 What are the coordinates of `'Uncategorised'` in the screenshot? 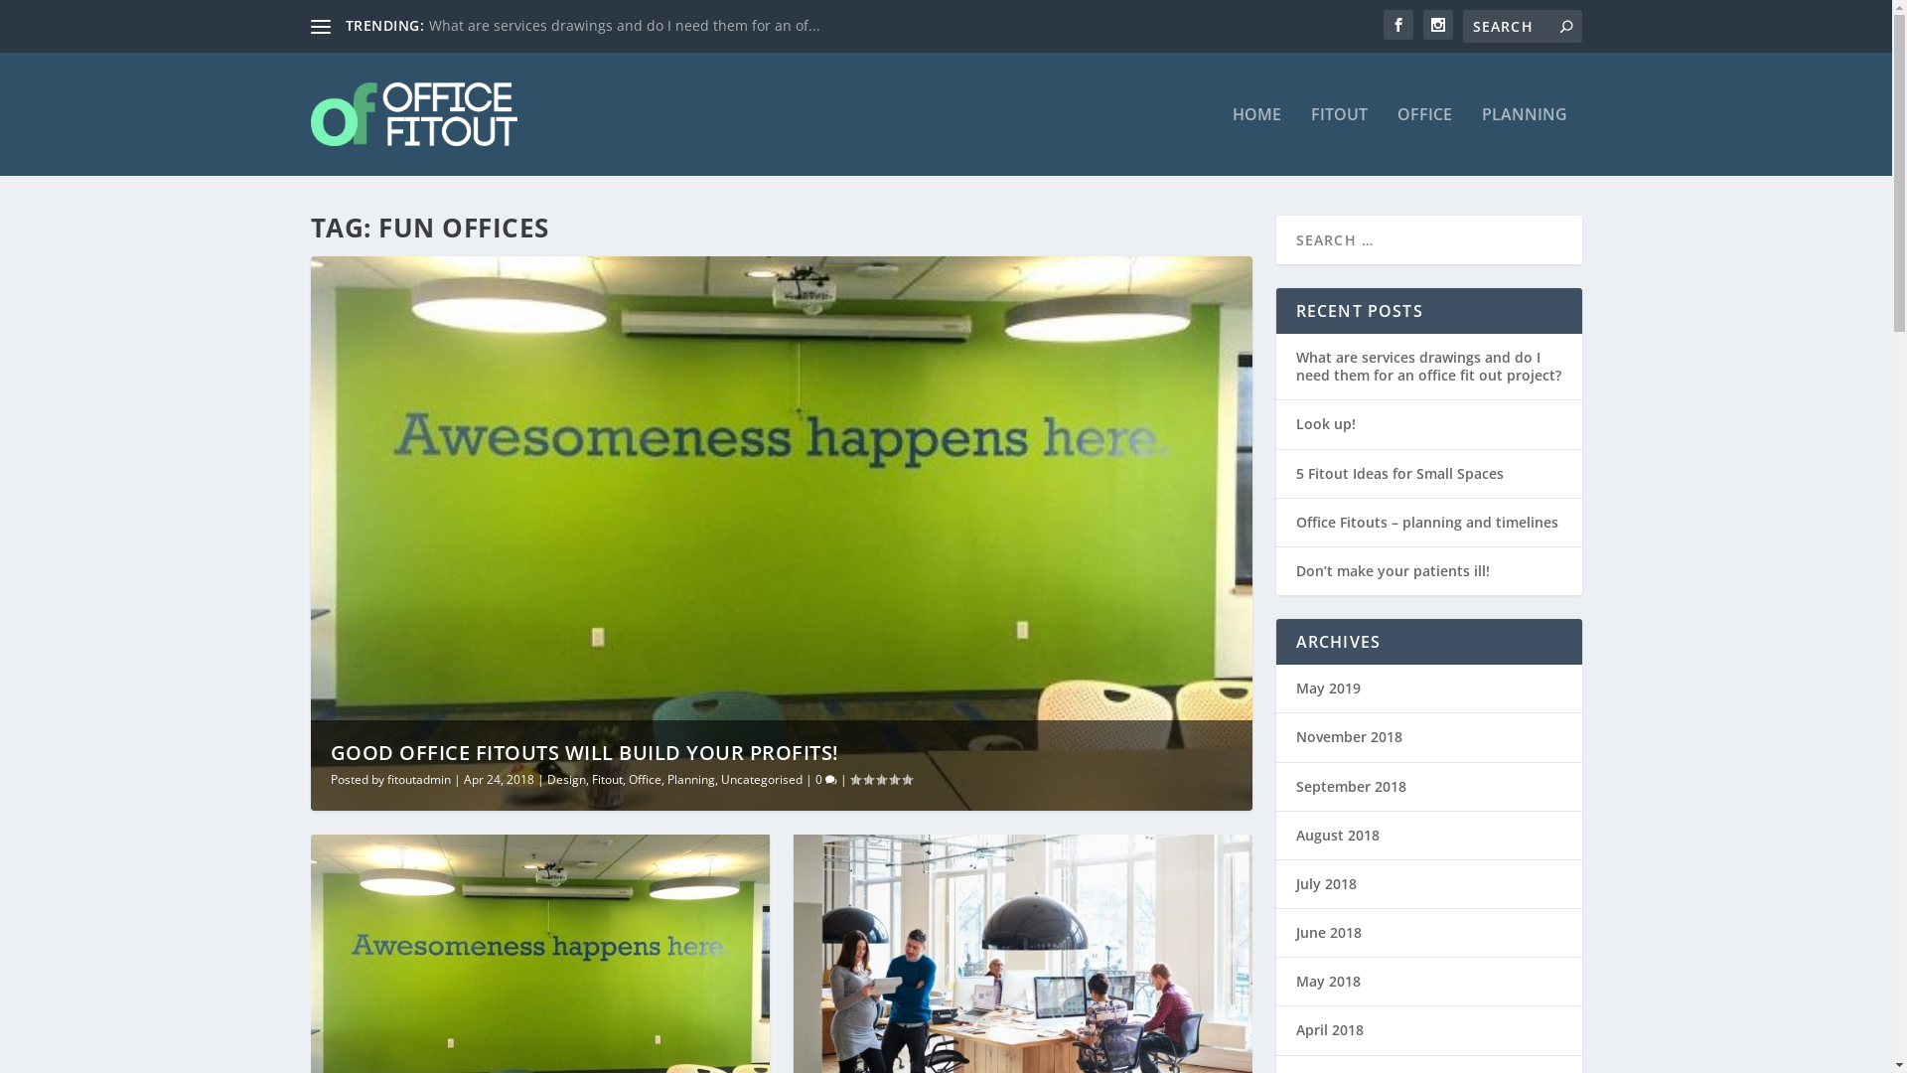 It's located at (761, 778).